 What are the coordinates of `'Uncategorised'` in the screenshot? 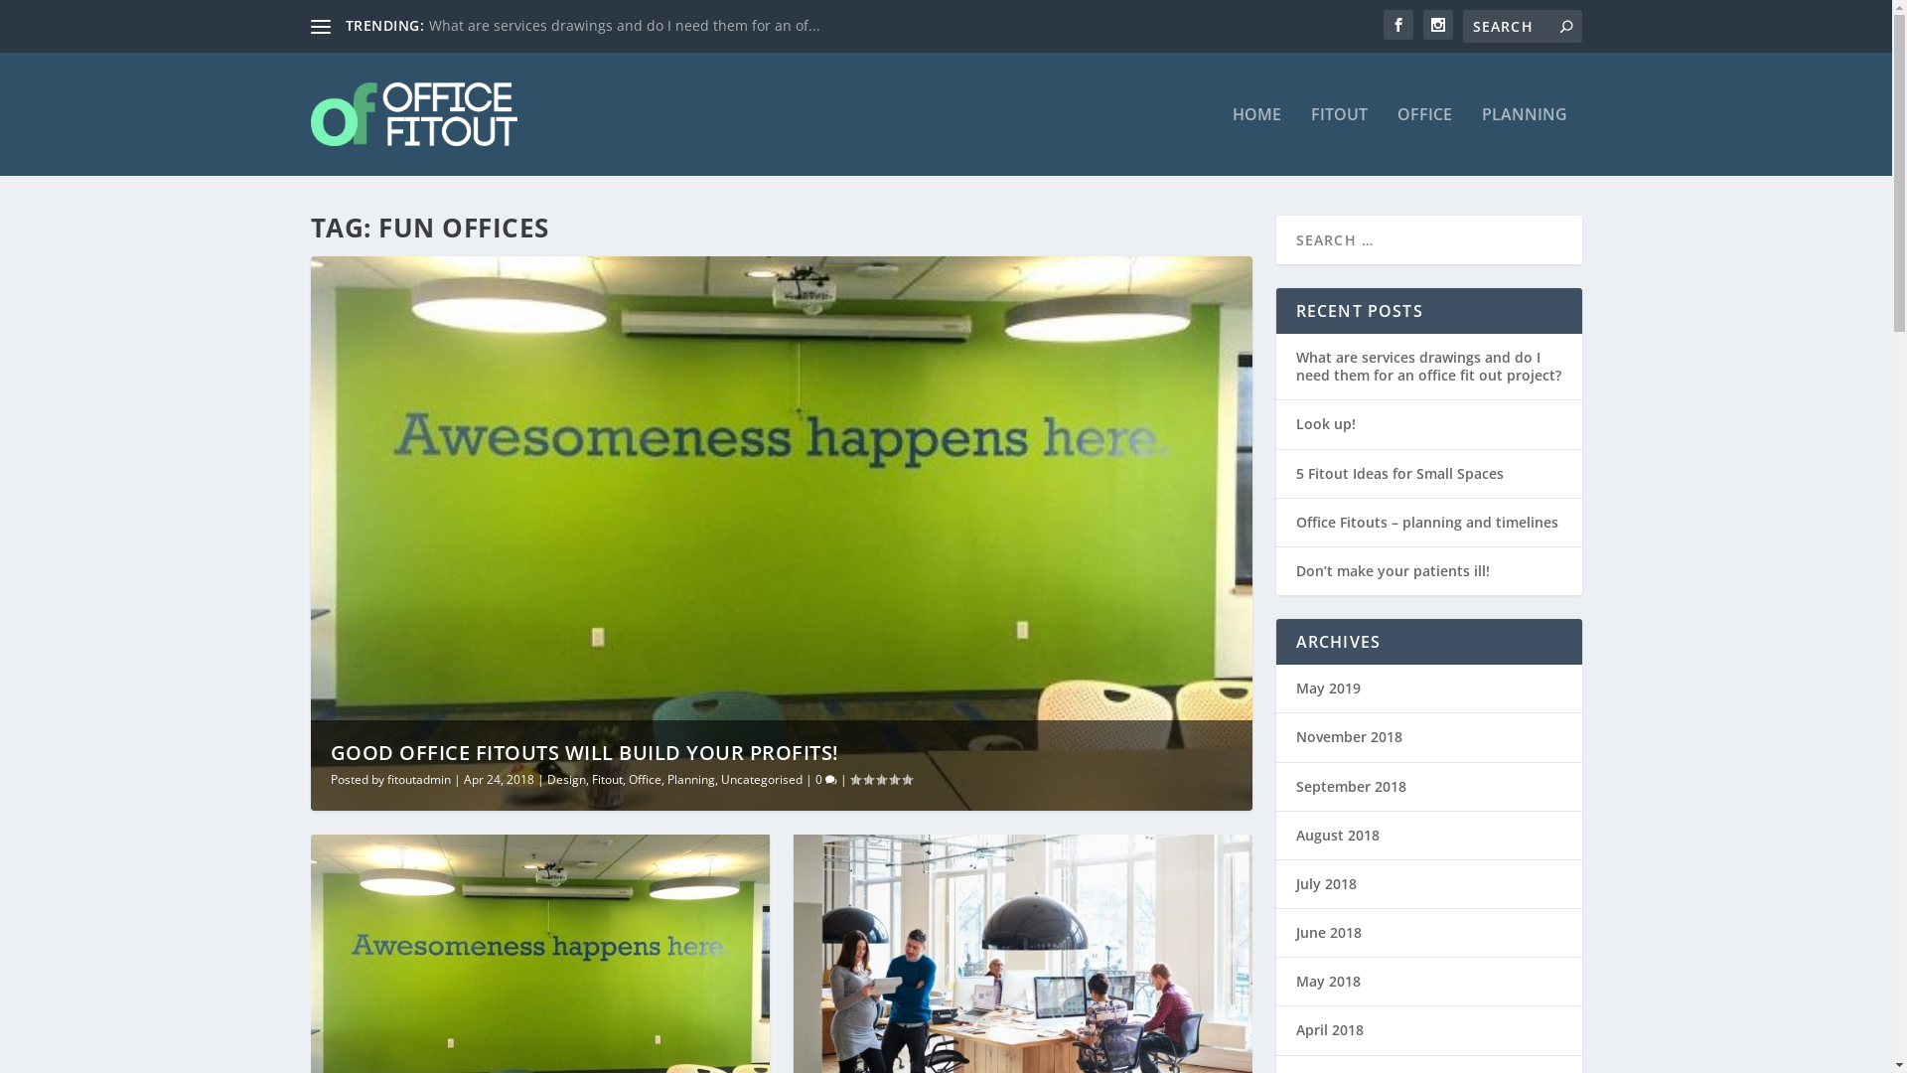 It's located at (761, 778).